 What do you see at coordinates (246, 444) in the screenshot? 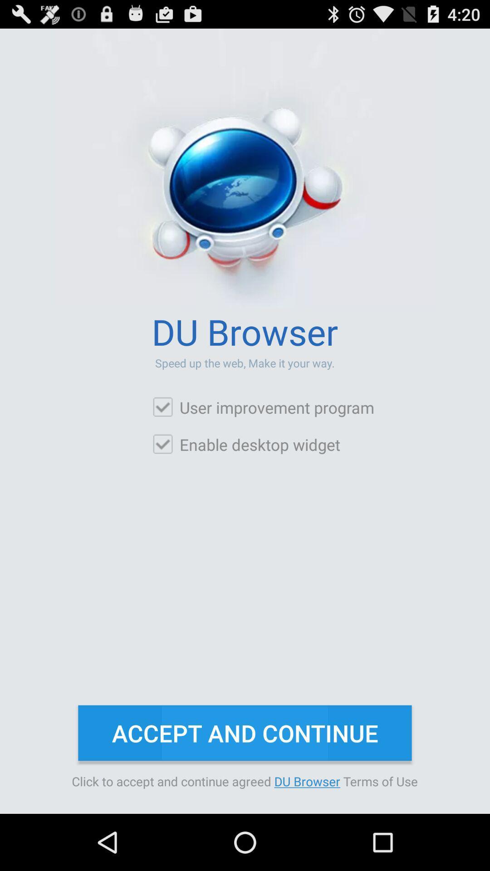
I see `icon above accept and continue icon` at bounding box center [246, 444].